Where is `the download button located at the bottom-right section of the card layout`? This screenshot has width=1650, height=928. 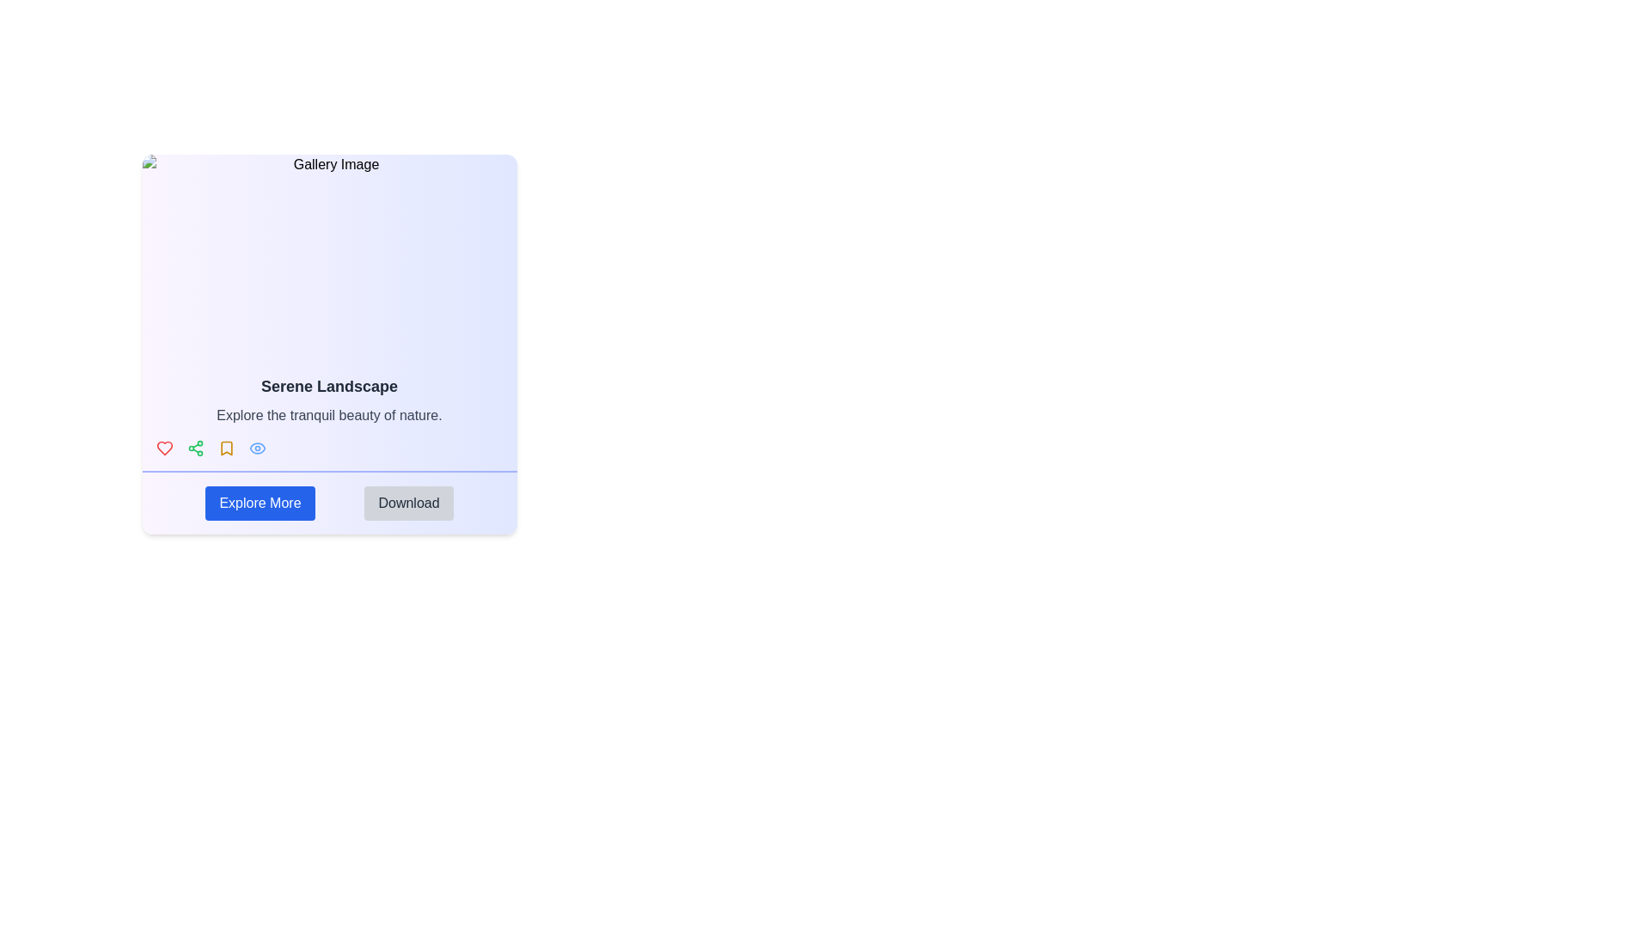 the download button located at the bottom-right section of the card layout is located at coordinates (407, 503).